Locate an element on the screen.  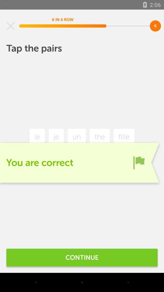
the star icon is located at coordinates (11, 26).